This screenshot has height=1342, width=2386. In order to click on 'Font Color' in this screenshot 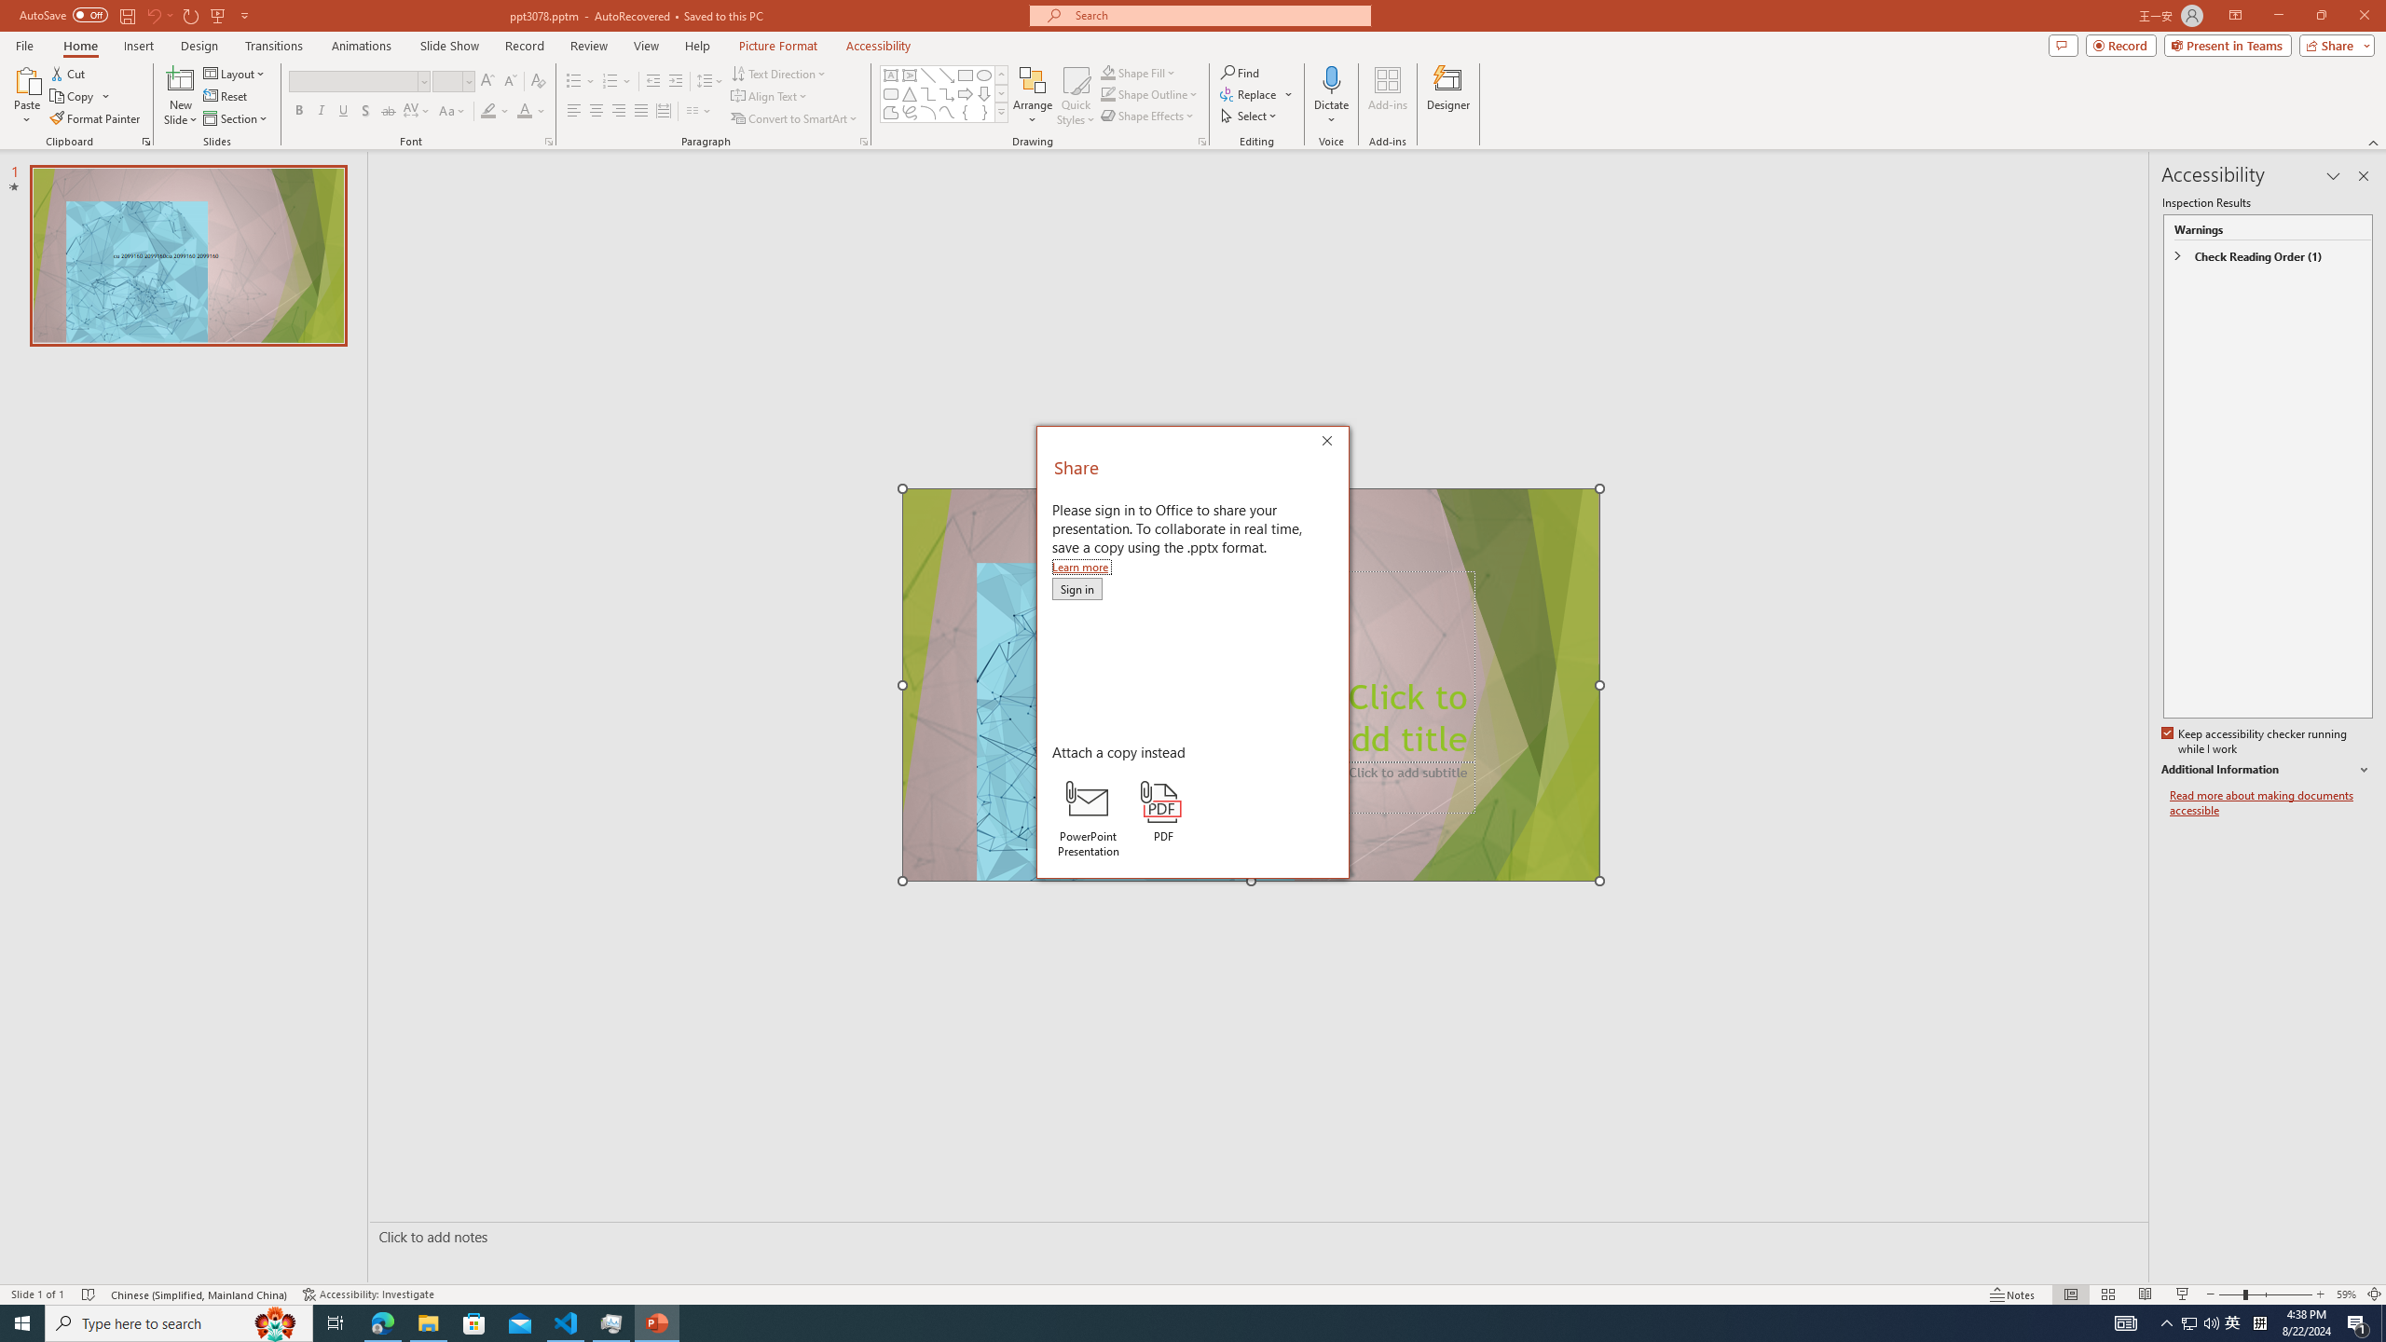, I will do `click(531, 110)`.